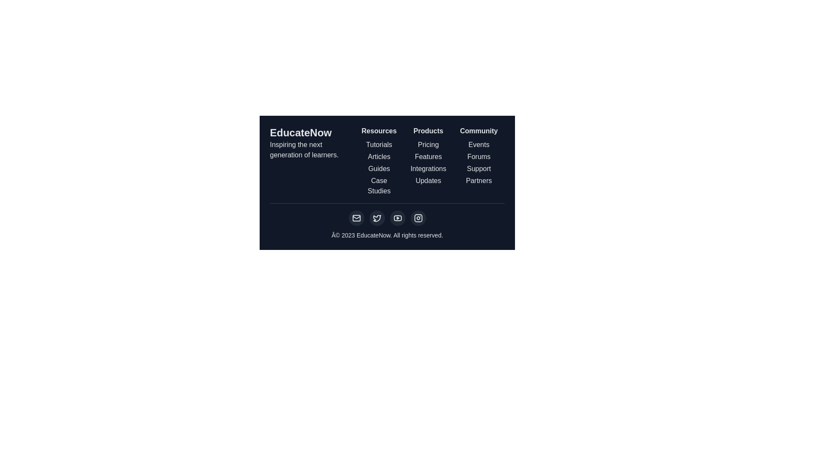  What do you see at coordinates (356, 218) in the screenshot?
I see `the leftmost icon button located at the bottom center of the footer` at bounding box center [356, 218].